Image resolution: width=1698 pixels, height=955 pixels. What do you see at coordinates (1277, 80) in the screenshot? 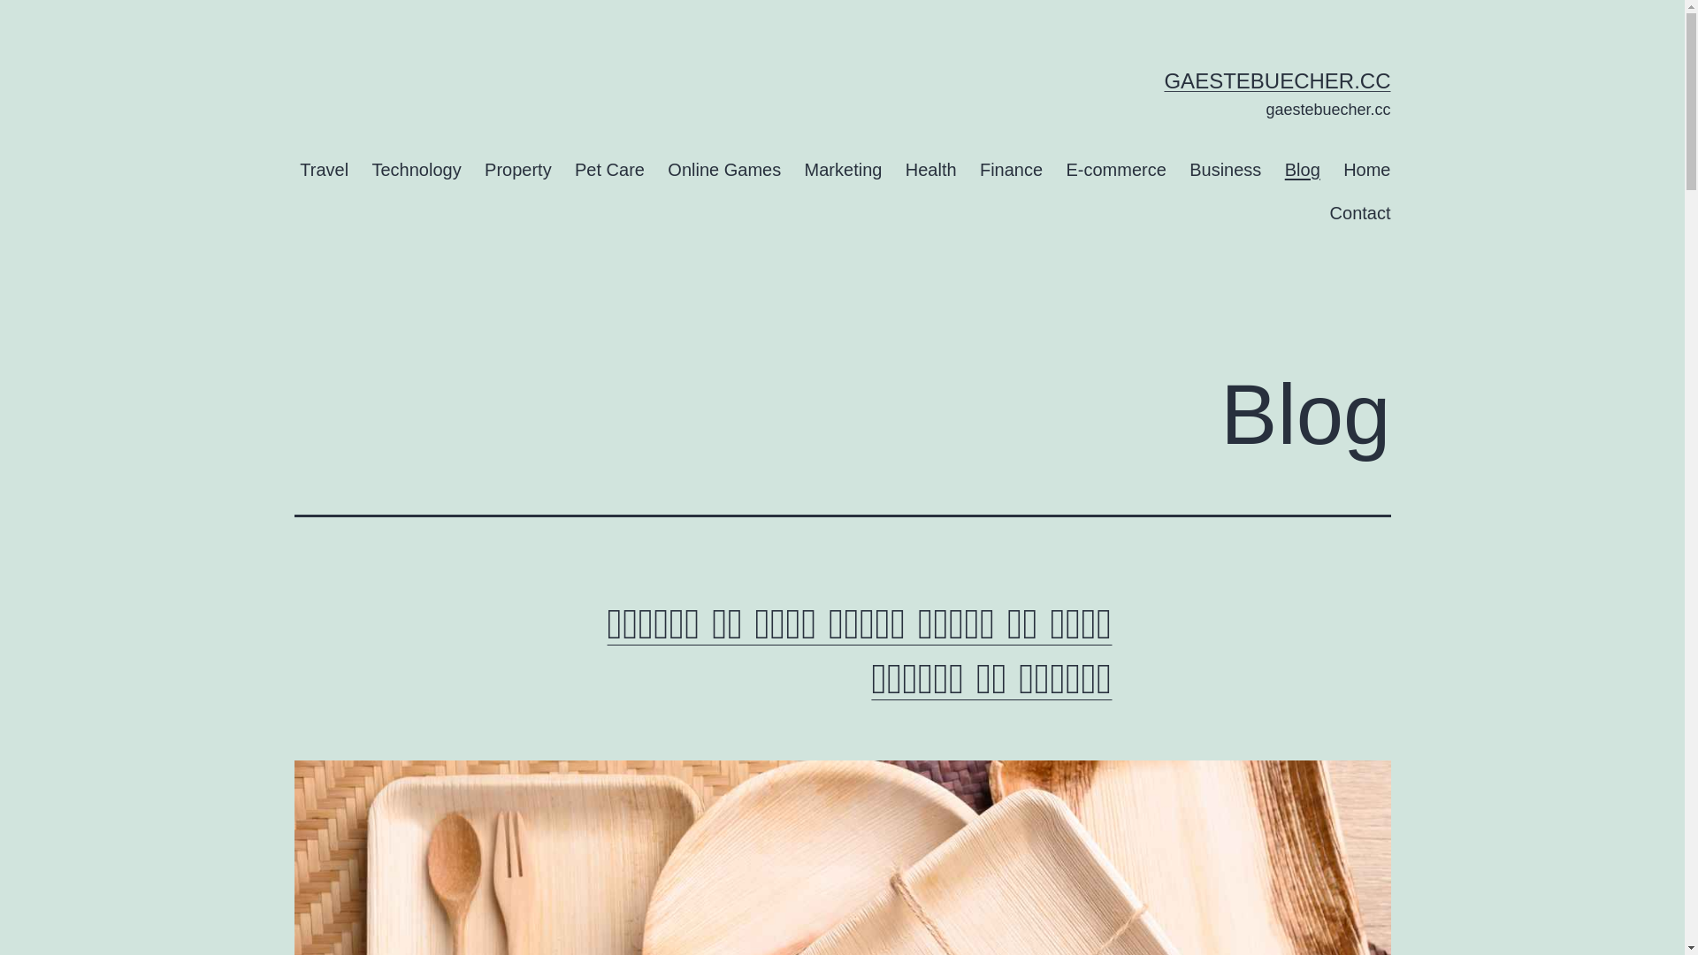
I see `'GAESTEBUECHER.CC'` at bounding box center [1277, 80].